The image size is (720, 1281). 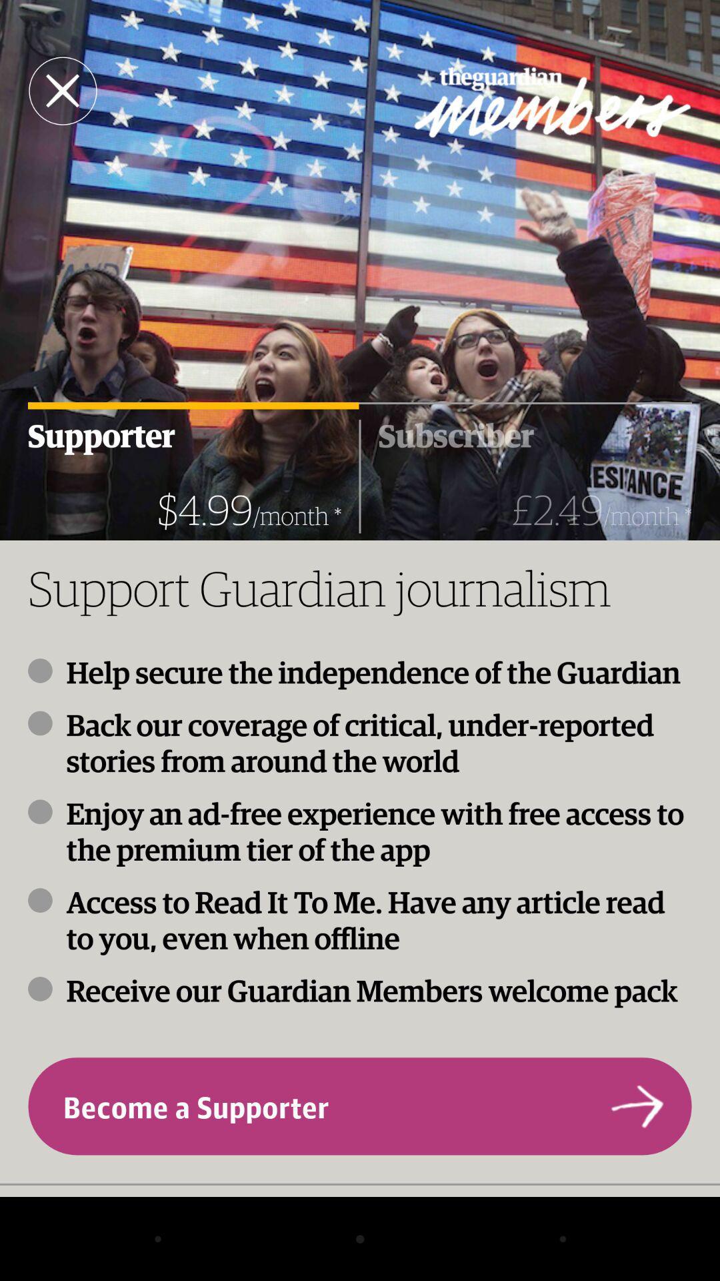 What do you see at coordinates (63, 90) in the screenshot?
I see `close` at bounding box center [63, 90].